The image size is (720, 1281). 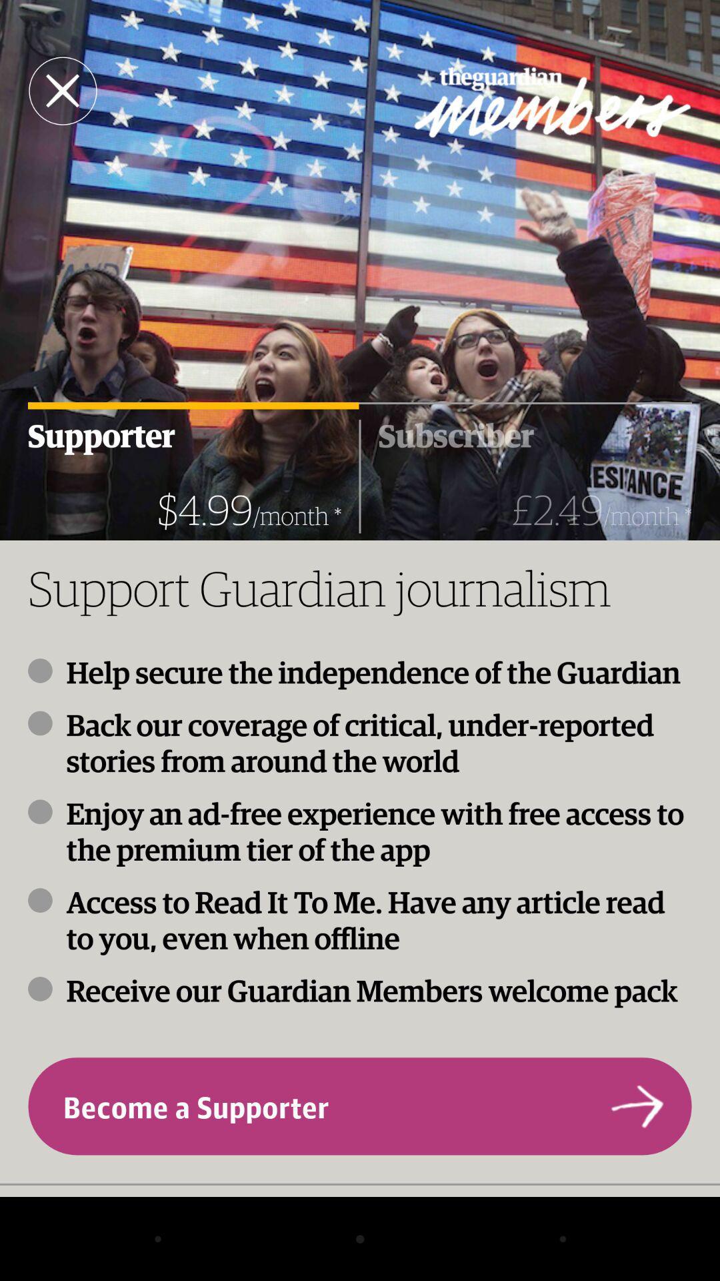 What do you see at coordinates (63, 90) in the screenshot?
I see `close` at bounding box center [63, 90].